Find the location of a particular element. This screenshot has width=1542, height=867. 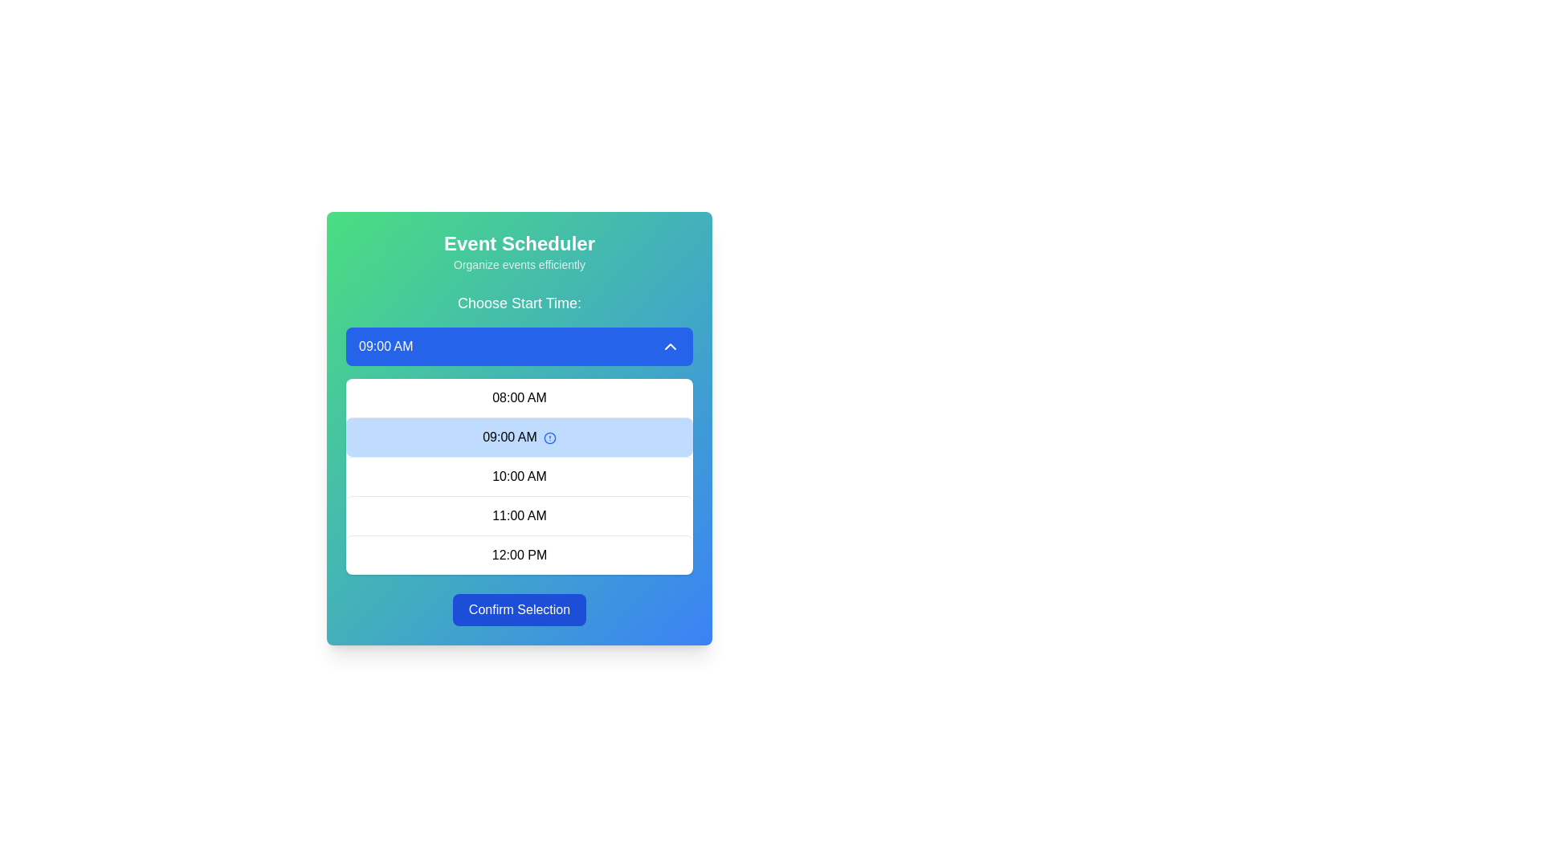

the Dropdown Selection Button labeled '09:00 AM' with a blue background is located at coordinates (520, 346).